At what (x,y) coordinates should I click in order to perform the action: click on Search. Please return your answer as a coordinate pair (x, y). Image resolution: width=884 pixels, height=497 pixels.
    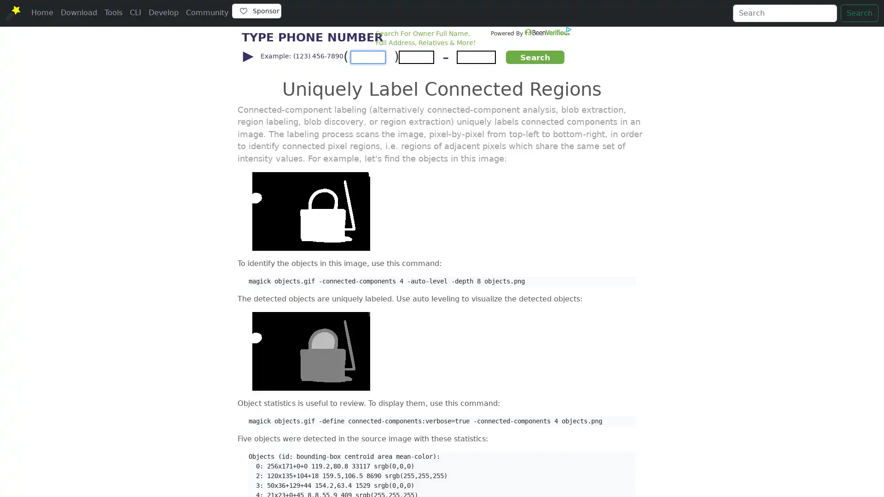
    Looking at the image, I should click on (859, 13).